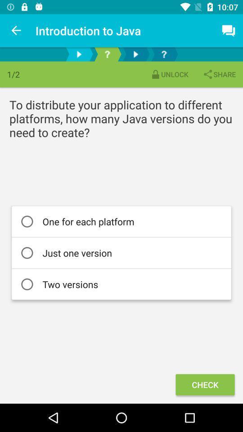 The image size is (243, 432). I want to click on move forward one page, so click(135, 54).